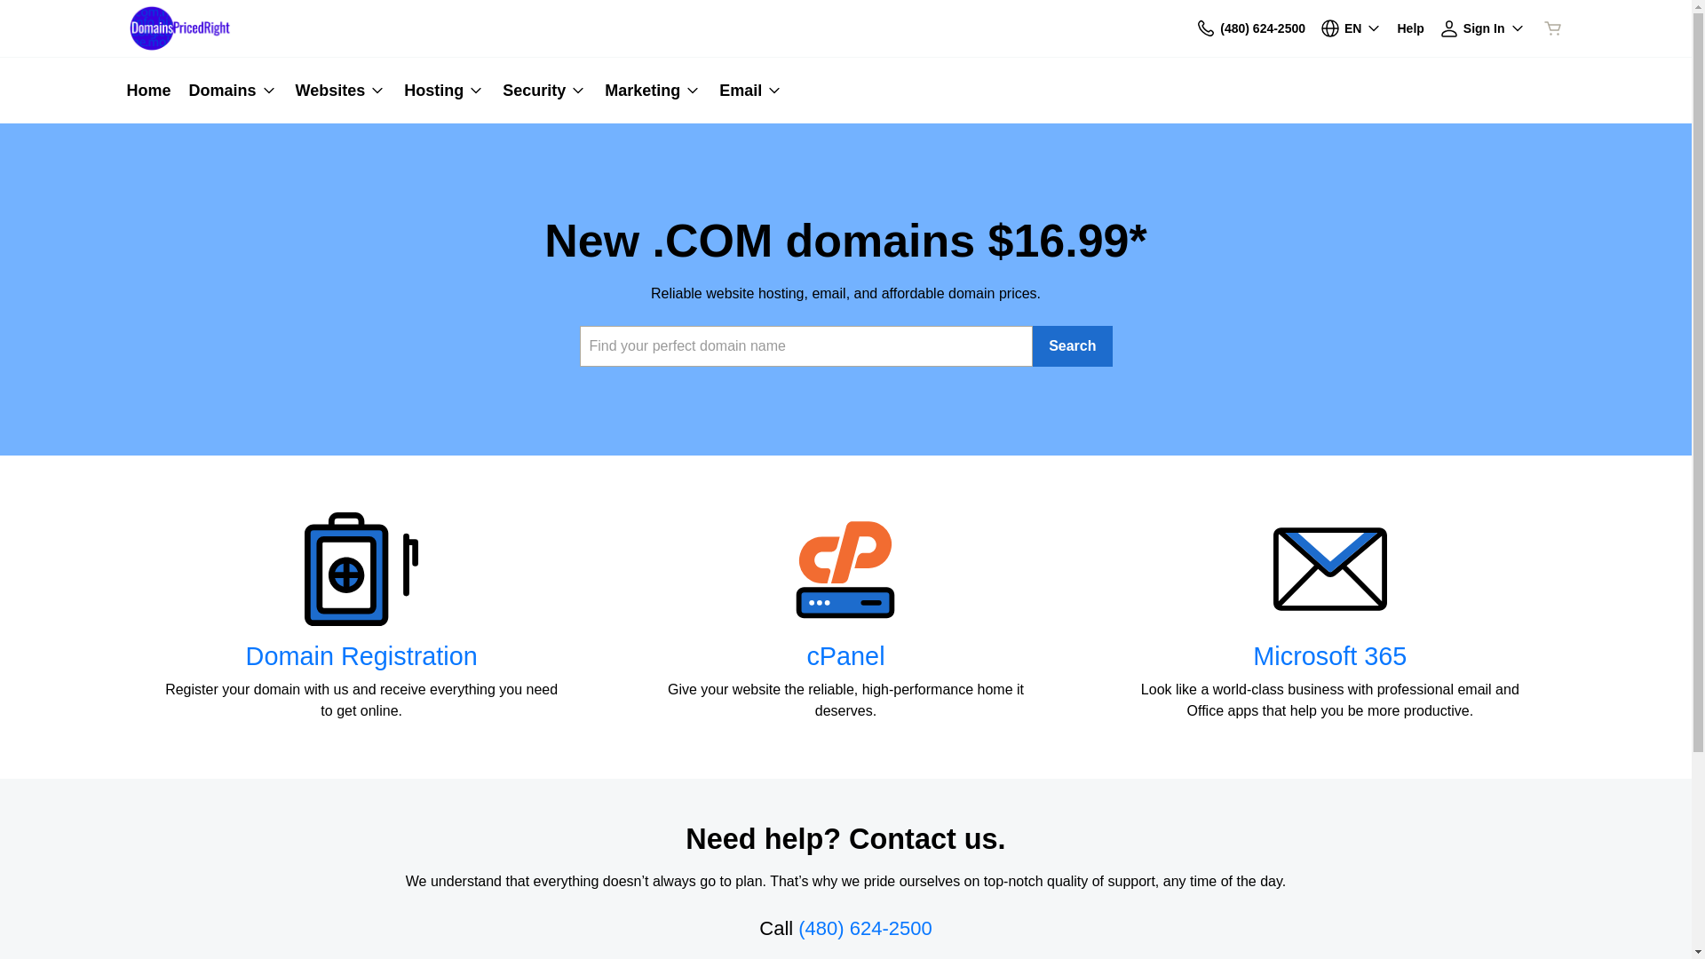  What do you see at coordinates (1431, 28) in the screenshot?
I see `'Sign In'` at bounding box center [1431, 28].